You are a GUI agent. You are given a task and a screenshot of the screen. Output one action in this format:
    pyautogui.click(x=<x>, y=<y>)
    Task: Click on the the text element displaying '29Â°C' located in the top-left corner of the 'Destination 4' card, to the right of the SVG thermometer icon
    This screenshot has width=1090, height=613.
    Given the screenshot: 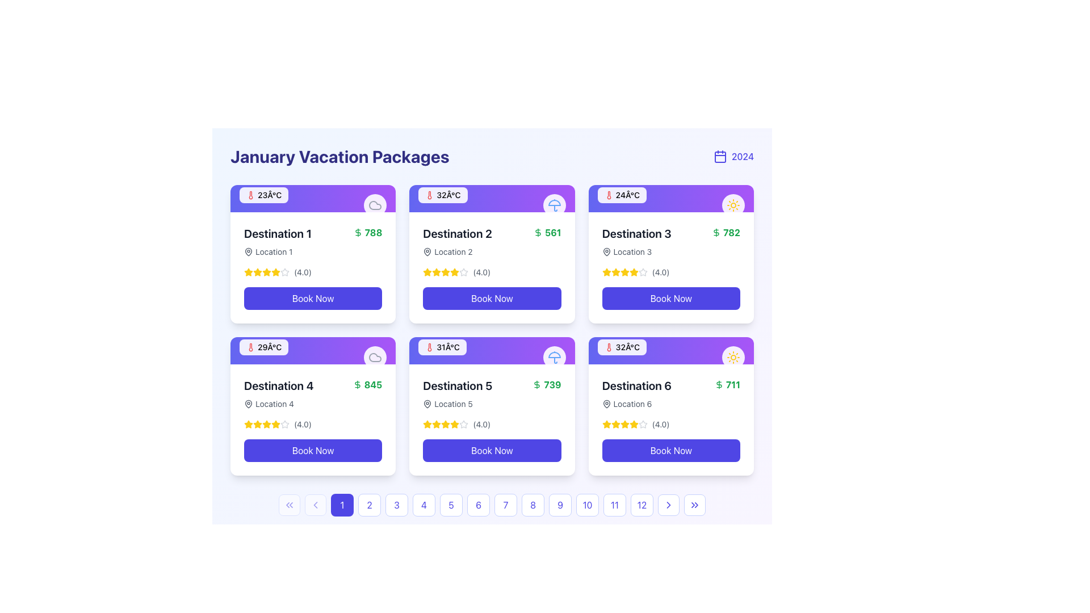 What is the action you would take?
    pyautogui.click(x=269, y=347)
    